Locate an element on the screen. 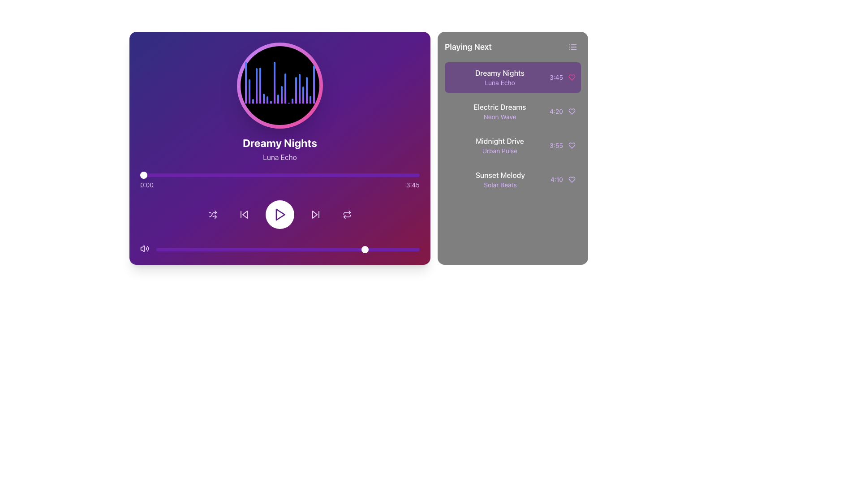 The width and height of the screenshot is (860, 484). the sixteenth decorative visual equalizer bar, which is a vertical gradient bar transitioning from purple to blue with a rounded top, located at the top-center of the music player interface is located at coordinates (296, 90).